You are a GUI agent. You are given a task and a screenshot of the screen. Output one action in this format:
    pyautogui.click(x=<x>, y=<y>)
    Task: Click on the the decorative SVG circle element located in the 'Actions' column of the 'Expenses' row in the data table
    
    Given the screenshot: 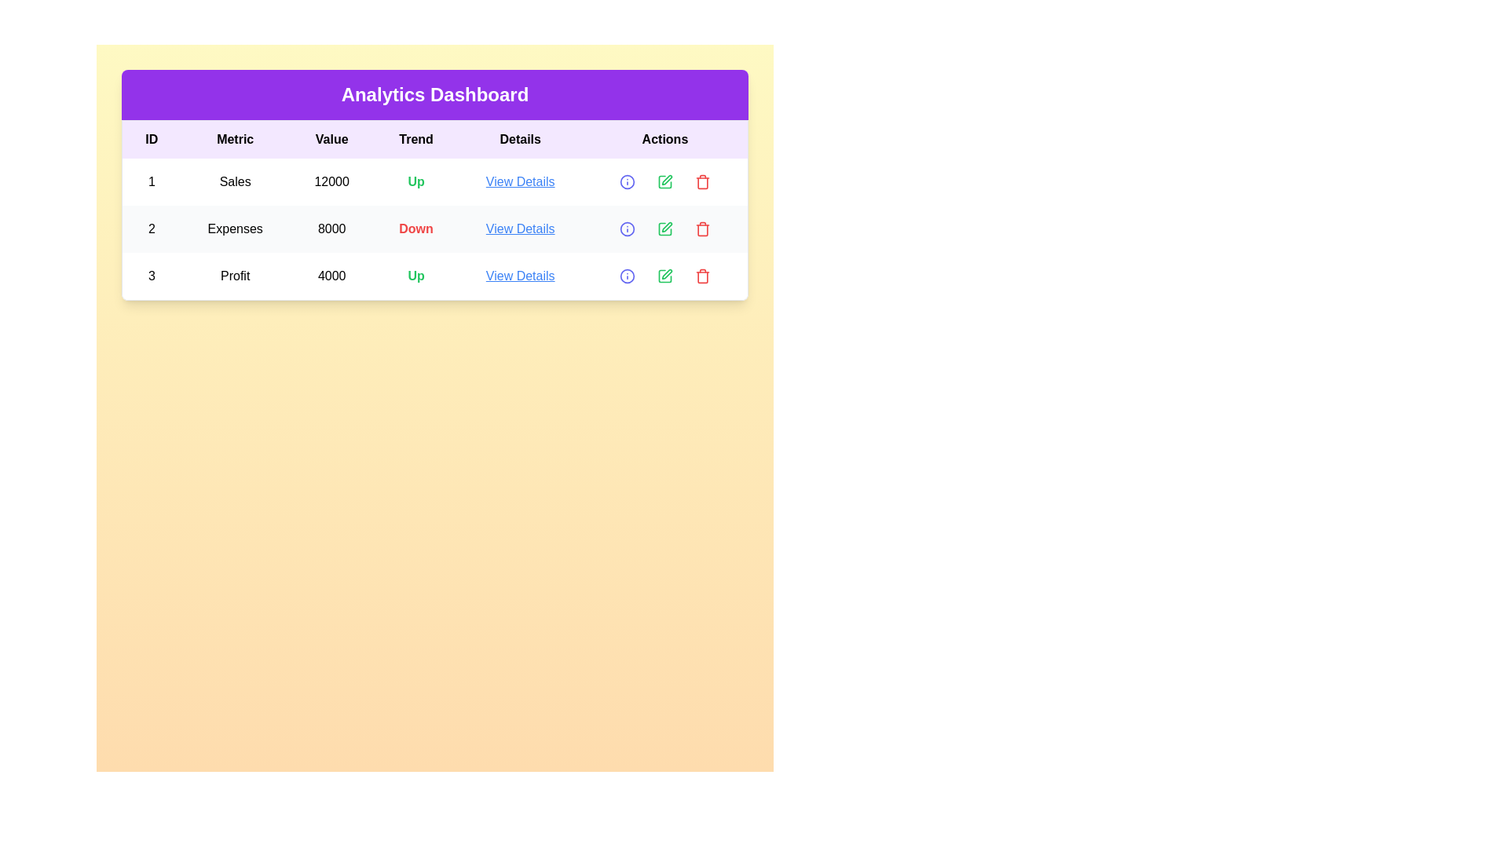 What is the action you would take?
    pyautogui.click(x=626, y=229)
    